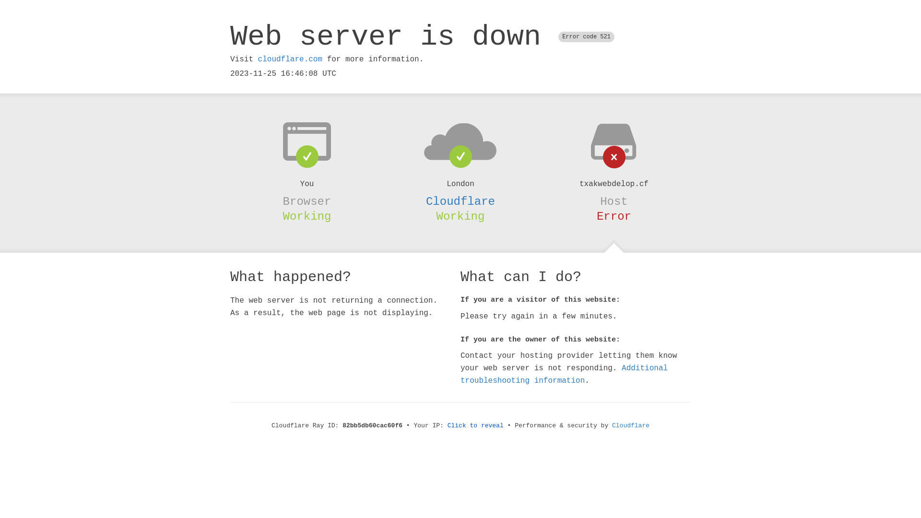 The image size is (921, 518). What do you see at coordinates (475, 425) in the screenshot?
I see `'Click to reveal'` at bounding box center [475, 425].